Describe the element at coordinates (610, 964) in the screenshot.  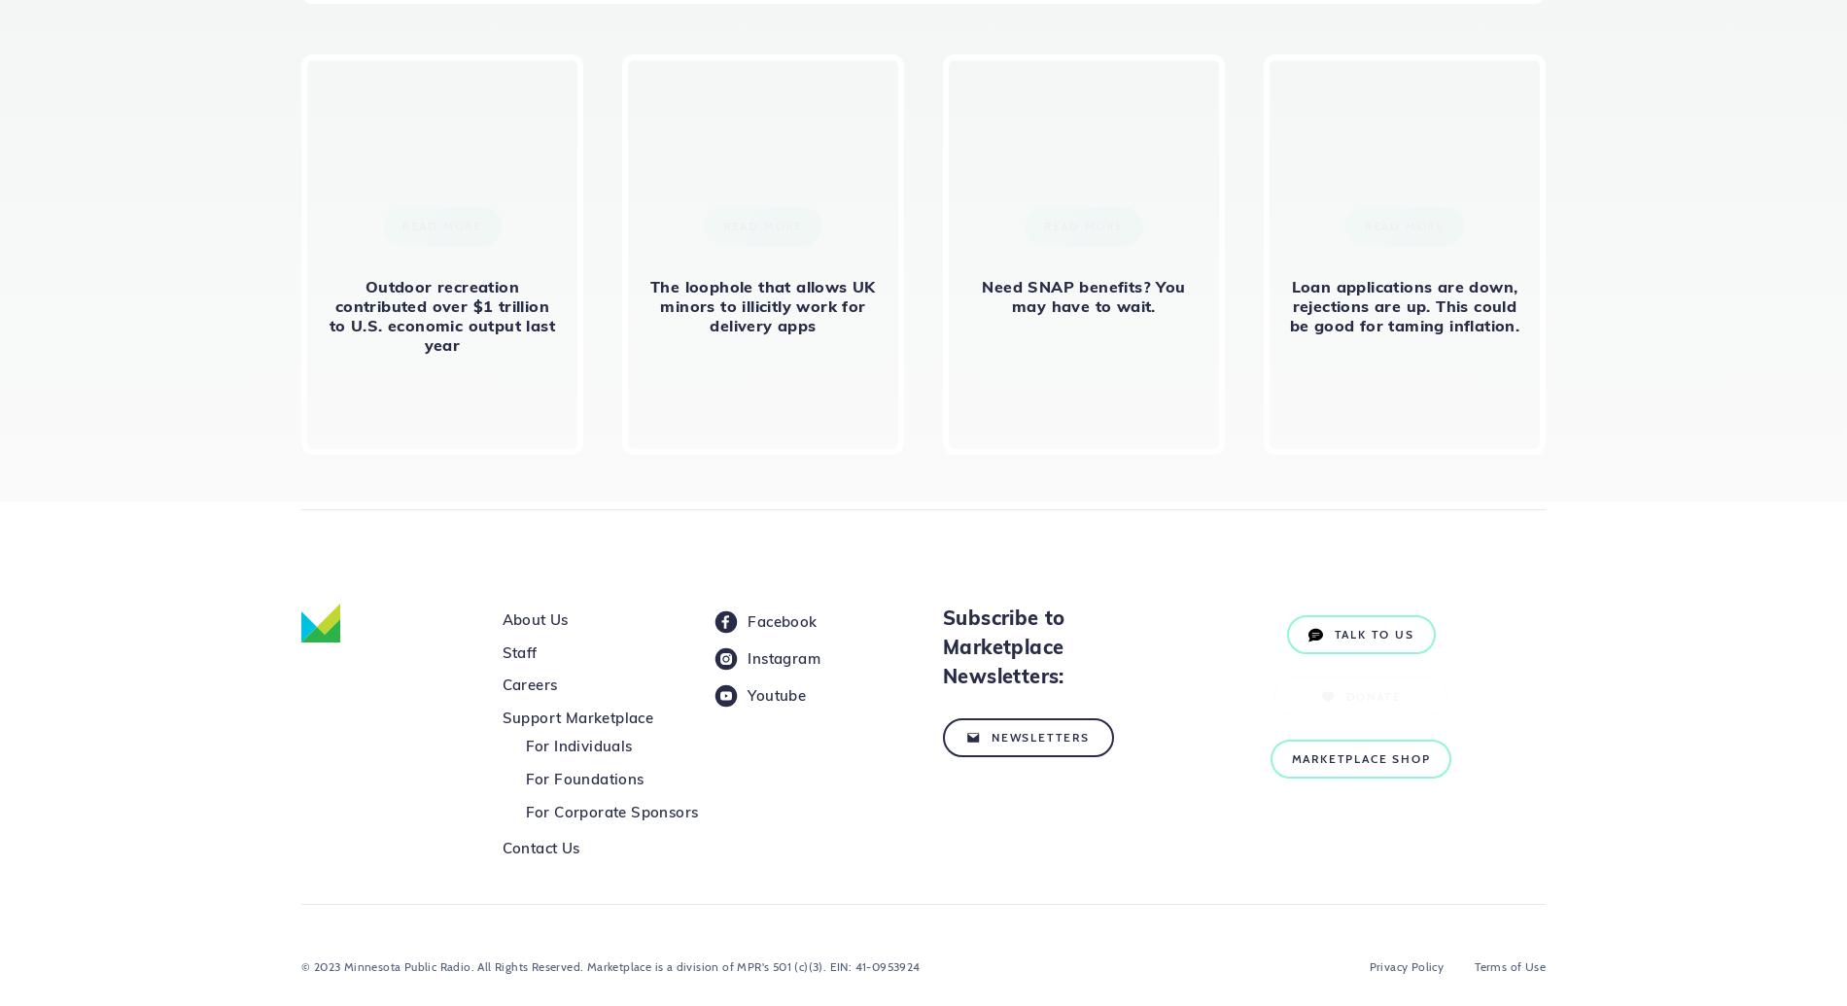
I see `'© 2023 Minnesota Public Radio. All Rights Reserved. Marketplace is a division of MPR's 501 (c)(3). EIN: 41-0953924'` at that location.